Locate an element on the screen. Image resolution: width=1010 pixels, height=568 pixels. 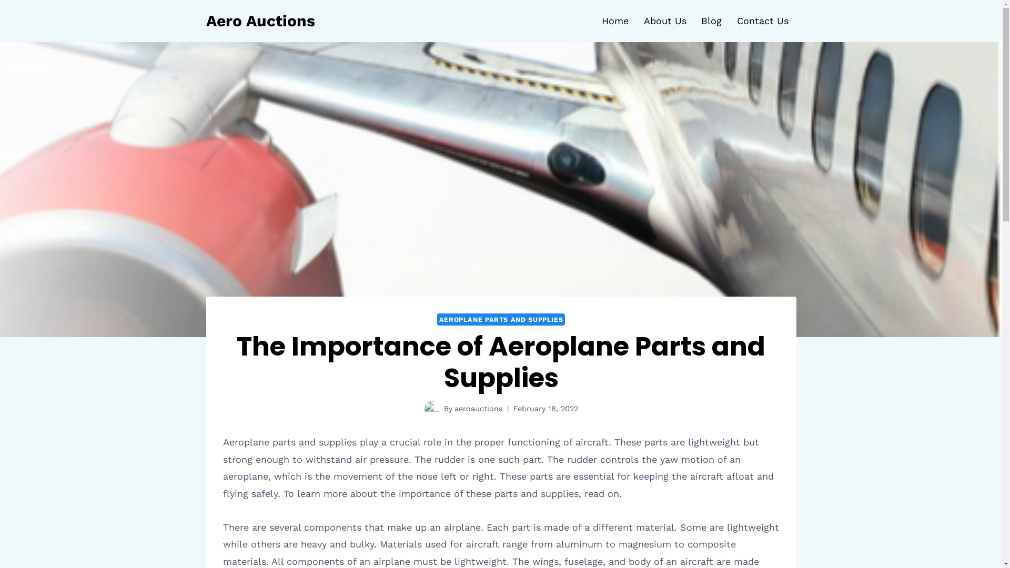
'About Us' is located at coordinates (664, 21).